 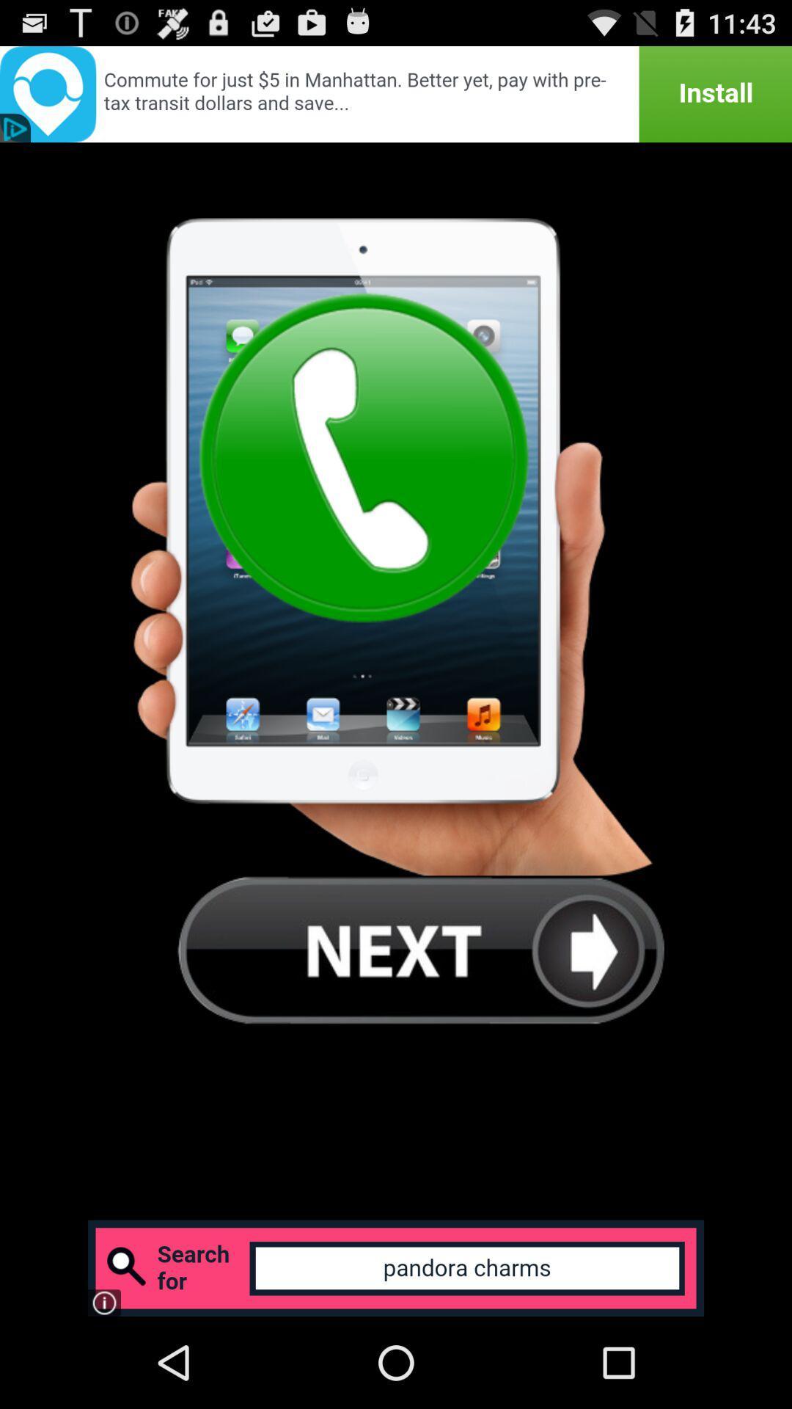 What do you see at coordinates (421, 950) in the screenshot?
I see `next` at bounding box center [421, 950].